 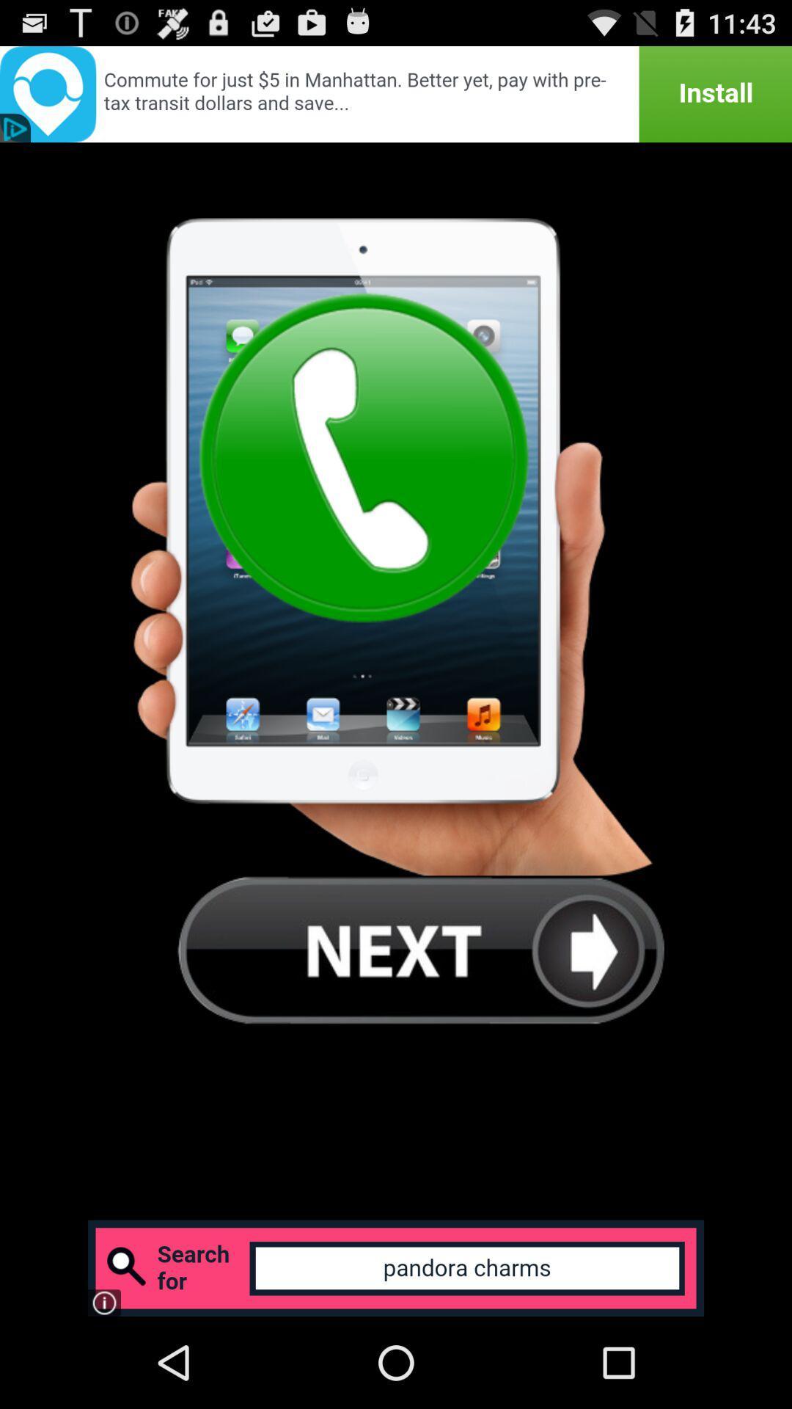 What do you see at coordinates (421, 950) in the screenshot?
I see `next` at bounding box center [421, 950].